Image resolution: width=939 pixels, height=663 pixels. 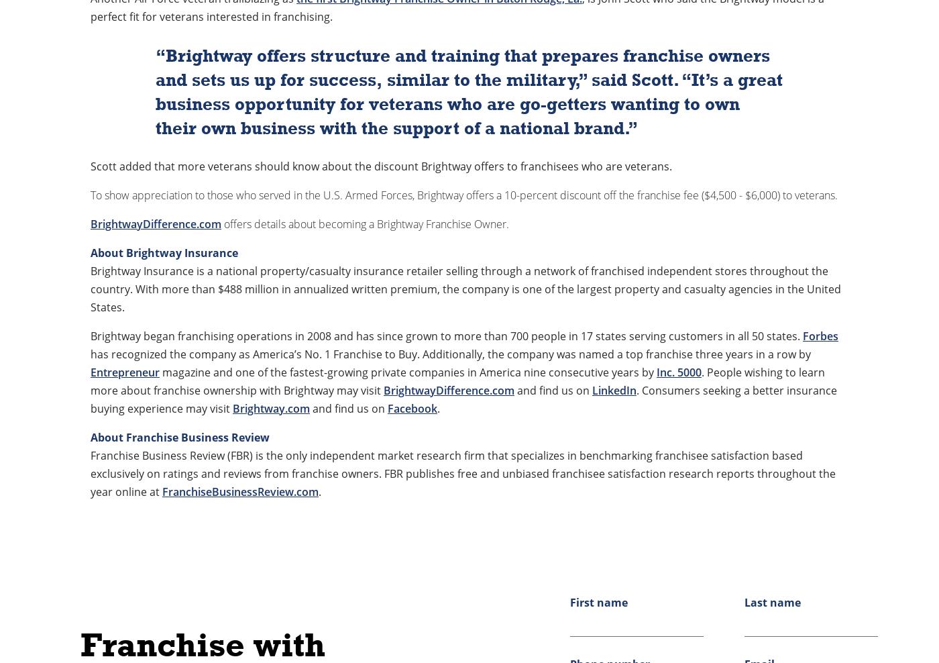 I want to click on 'Brightway began franchising operations in 2008 and has since grown to more than 700 people in 17 states serving customers in all 50 states.', so click(x=446, y=335).